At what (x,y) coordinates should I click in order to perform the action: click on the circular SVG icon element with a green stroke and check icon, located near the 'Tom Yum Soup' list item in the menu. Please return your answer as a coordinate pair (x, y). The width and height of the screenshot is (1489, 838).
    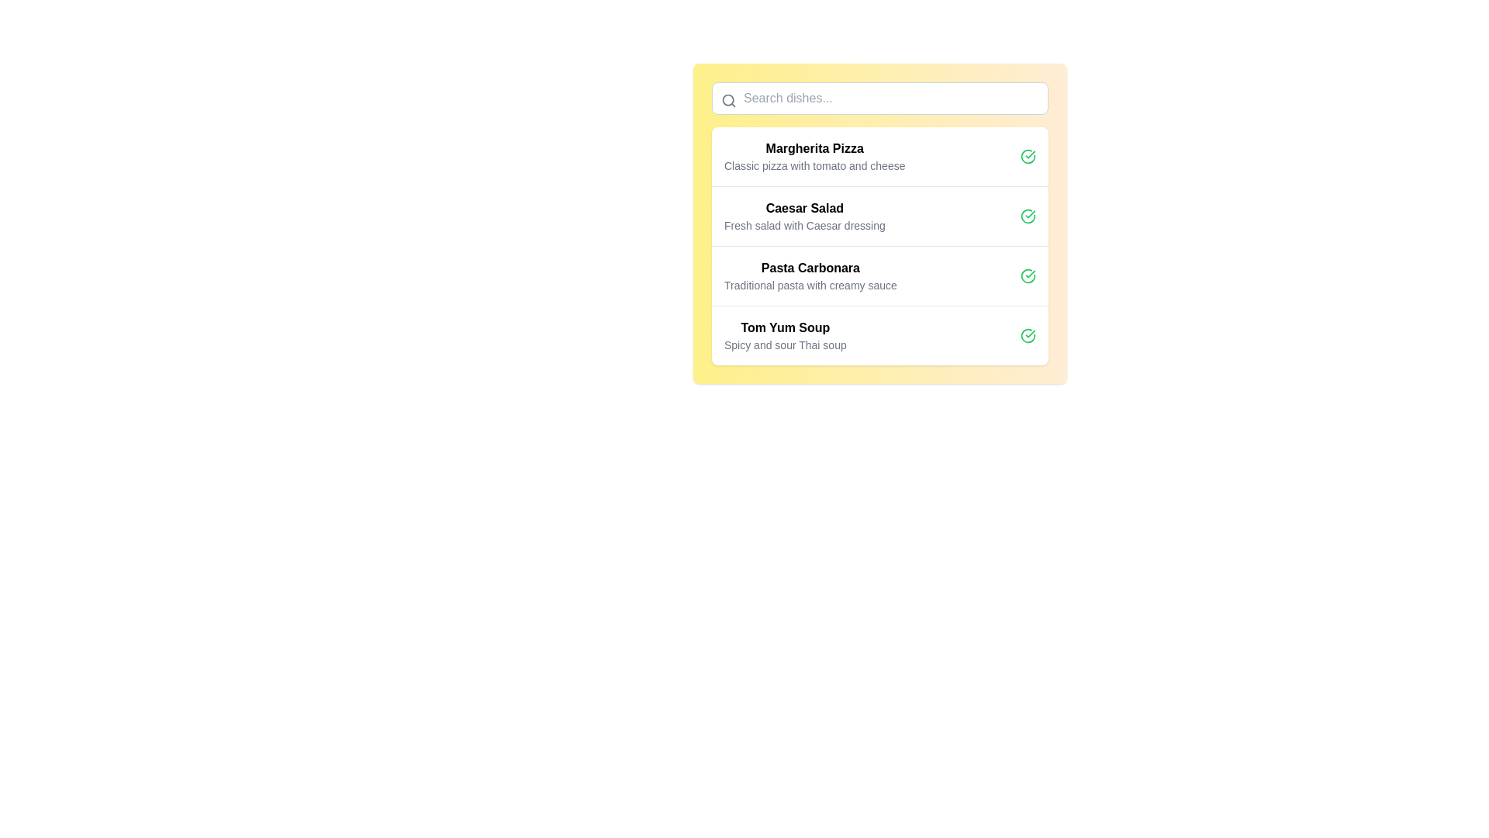
    Looking at the image, I should click on (1028, 334).